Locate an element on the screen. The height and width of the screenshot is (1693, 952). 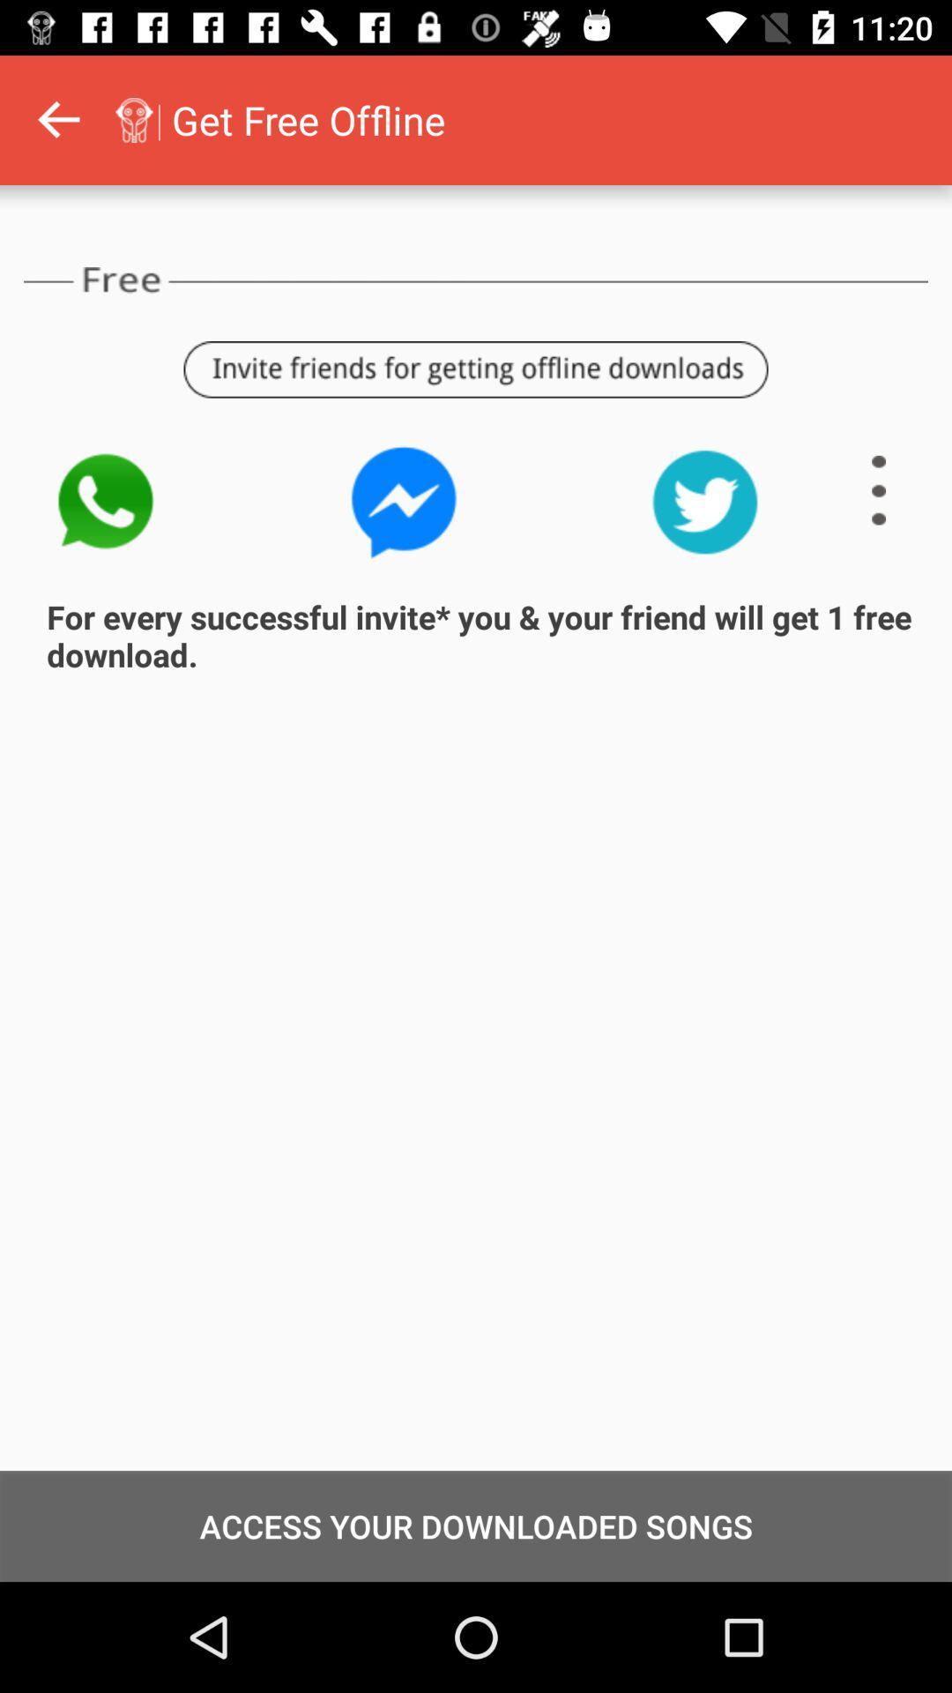
watsapp is located at coordinates (104, 501).